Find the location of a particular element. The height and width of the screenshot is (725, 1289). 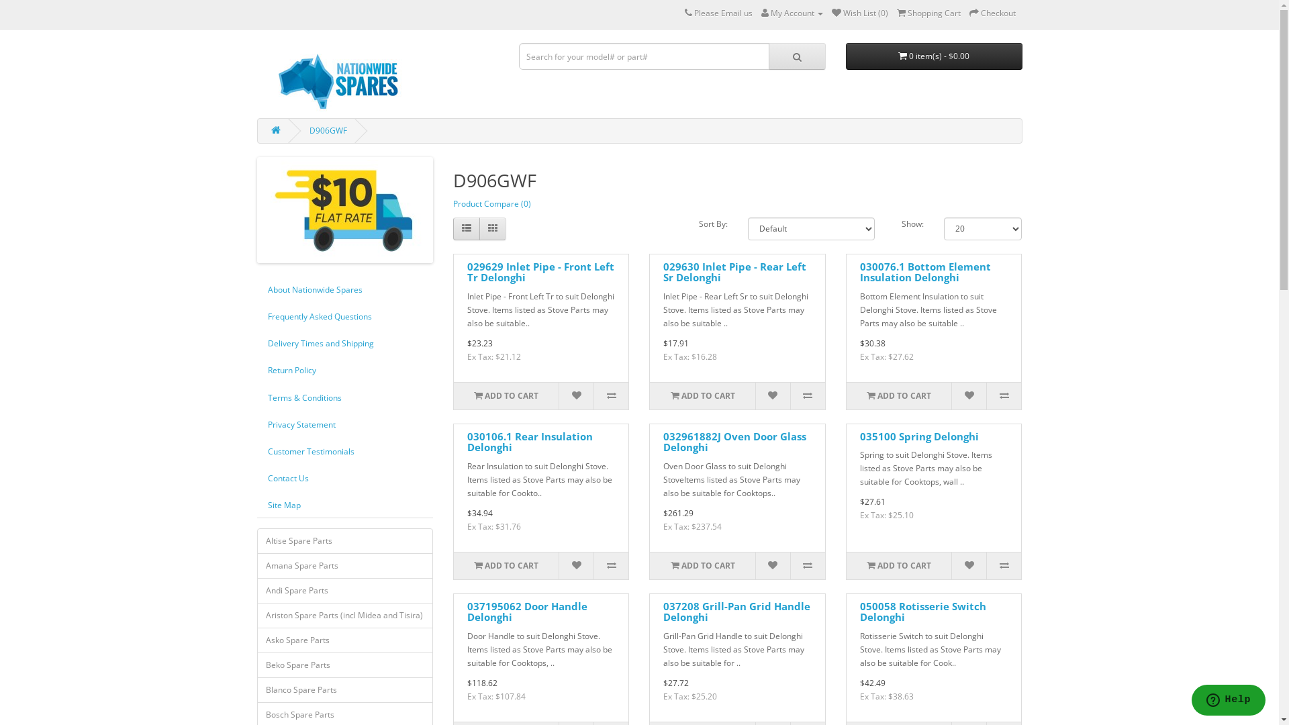

'Product Compare (0)' is located at coordinates (491, 203).